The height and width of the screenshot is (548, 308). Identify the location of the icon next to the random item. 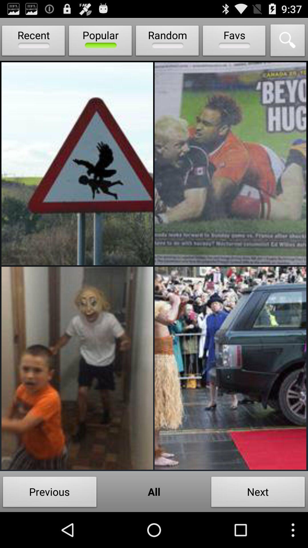
(234, 42).